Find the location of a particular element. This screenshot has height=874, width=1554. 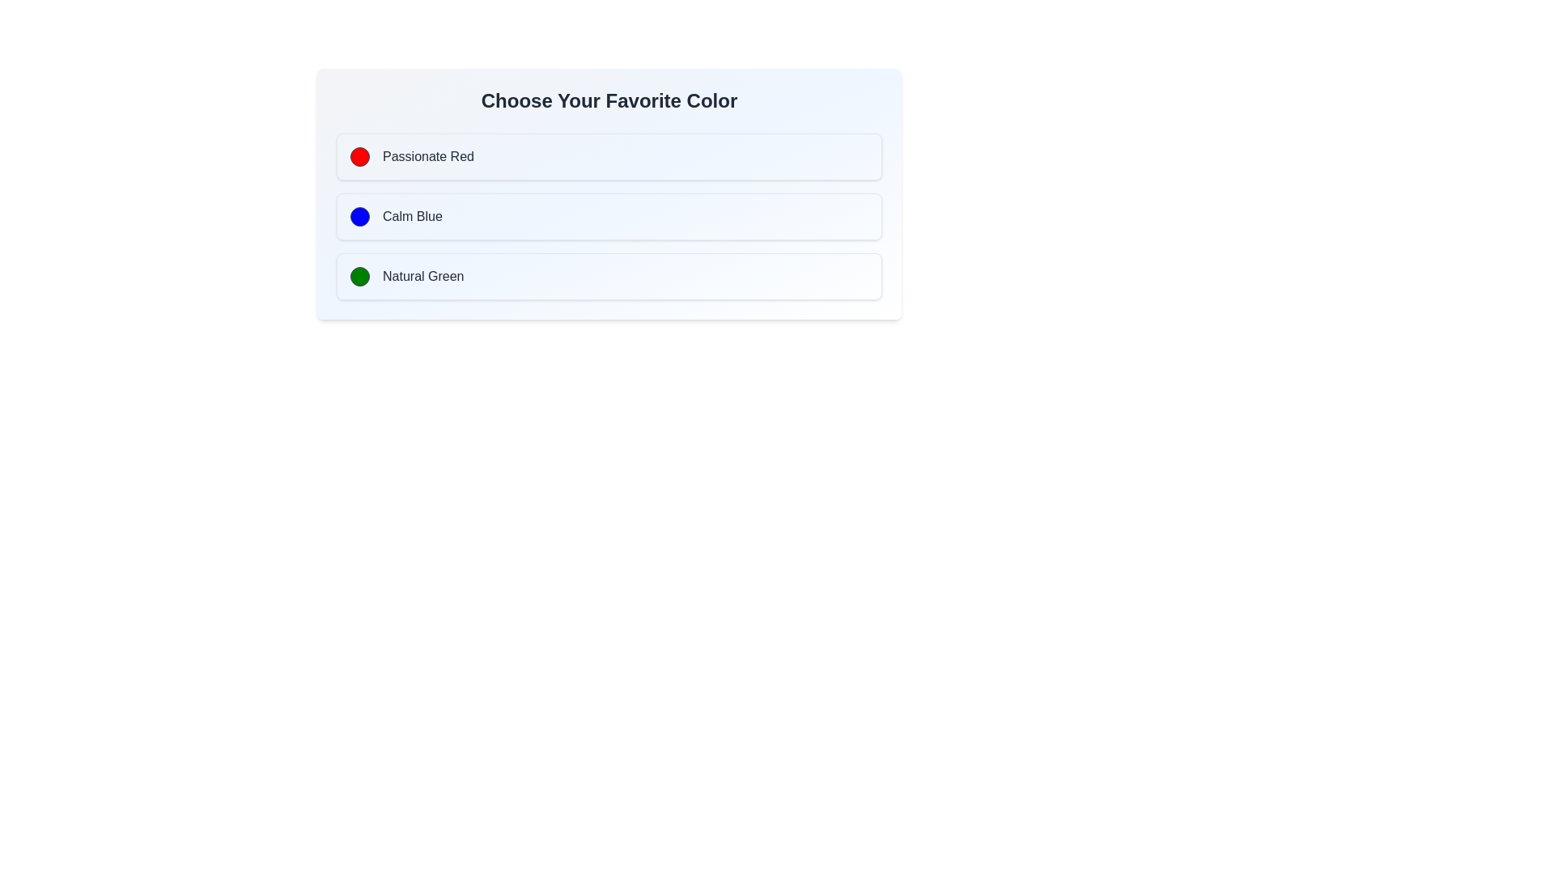

the text label reading 'Calm Blue', which is styled with a medium font weight and dark gray color, located in the second row beneath the label 'Choose Your Favorite Color' is located at coordinates (412, 215).